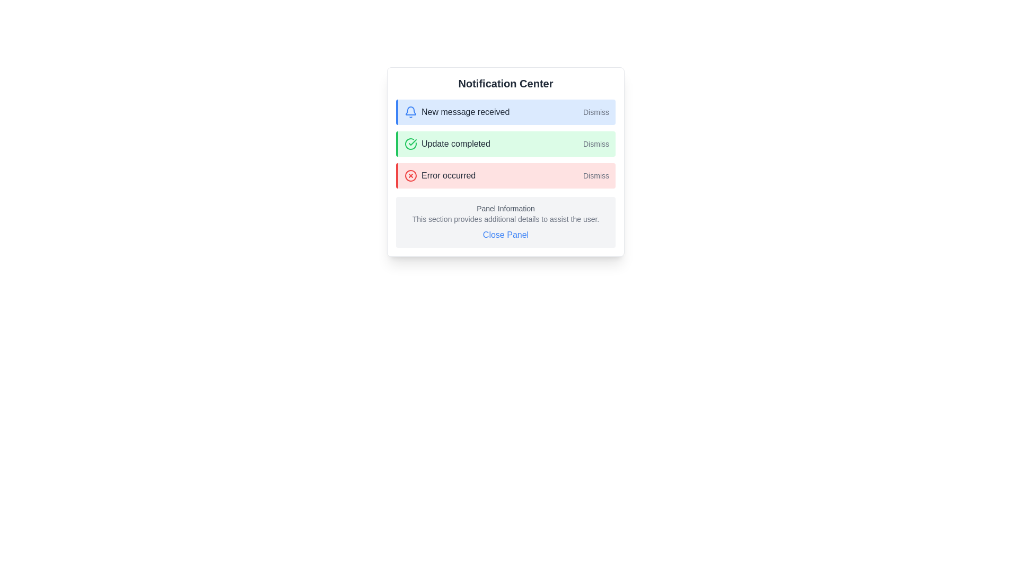 This screenshot has width=1018, height=572. What do you see at coordinates (466, 112) in the screenshot?
I see `the text label that conveys the content of a notification message, located in the topmost notification box just to the right of the bell icon` at bounding box center [466, 112].